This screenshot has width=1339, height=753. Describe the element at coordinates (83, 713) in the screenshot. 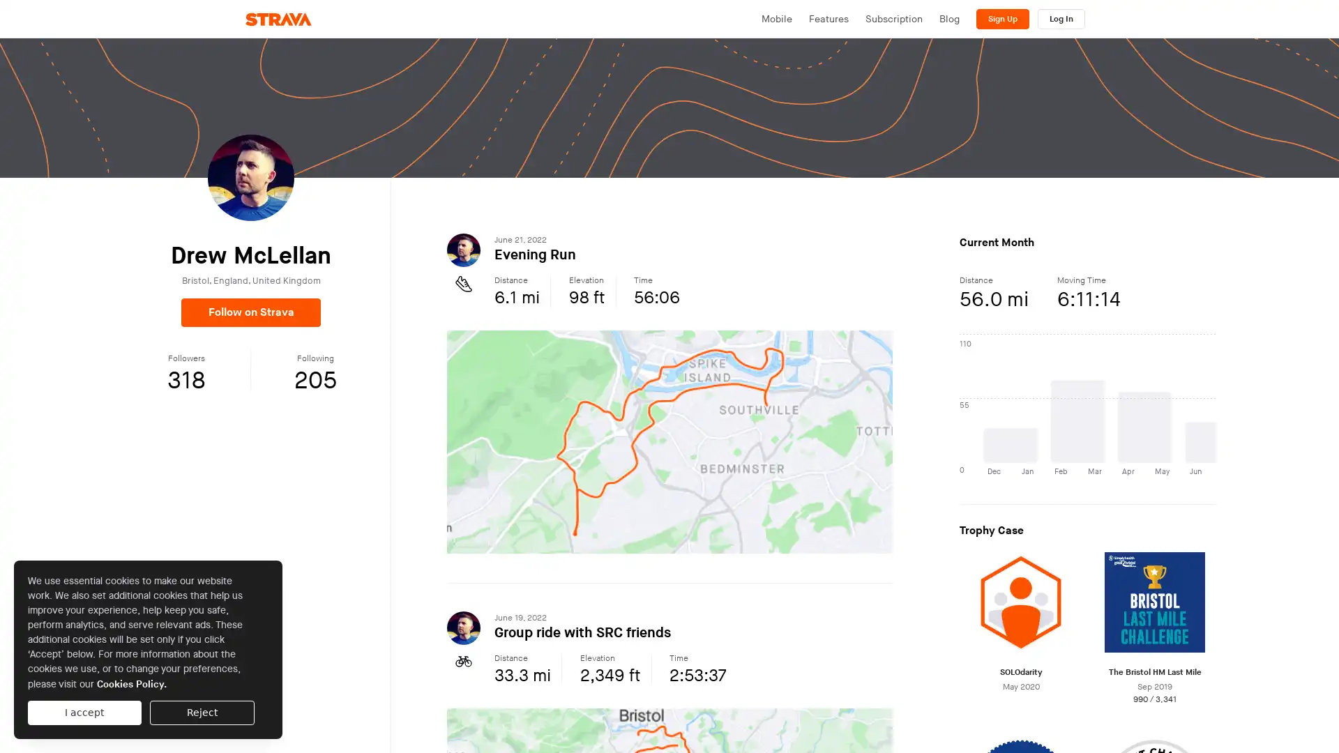

I see `I accept` at that location.